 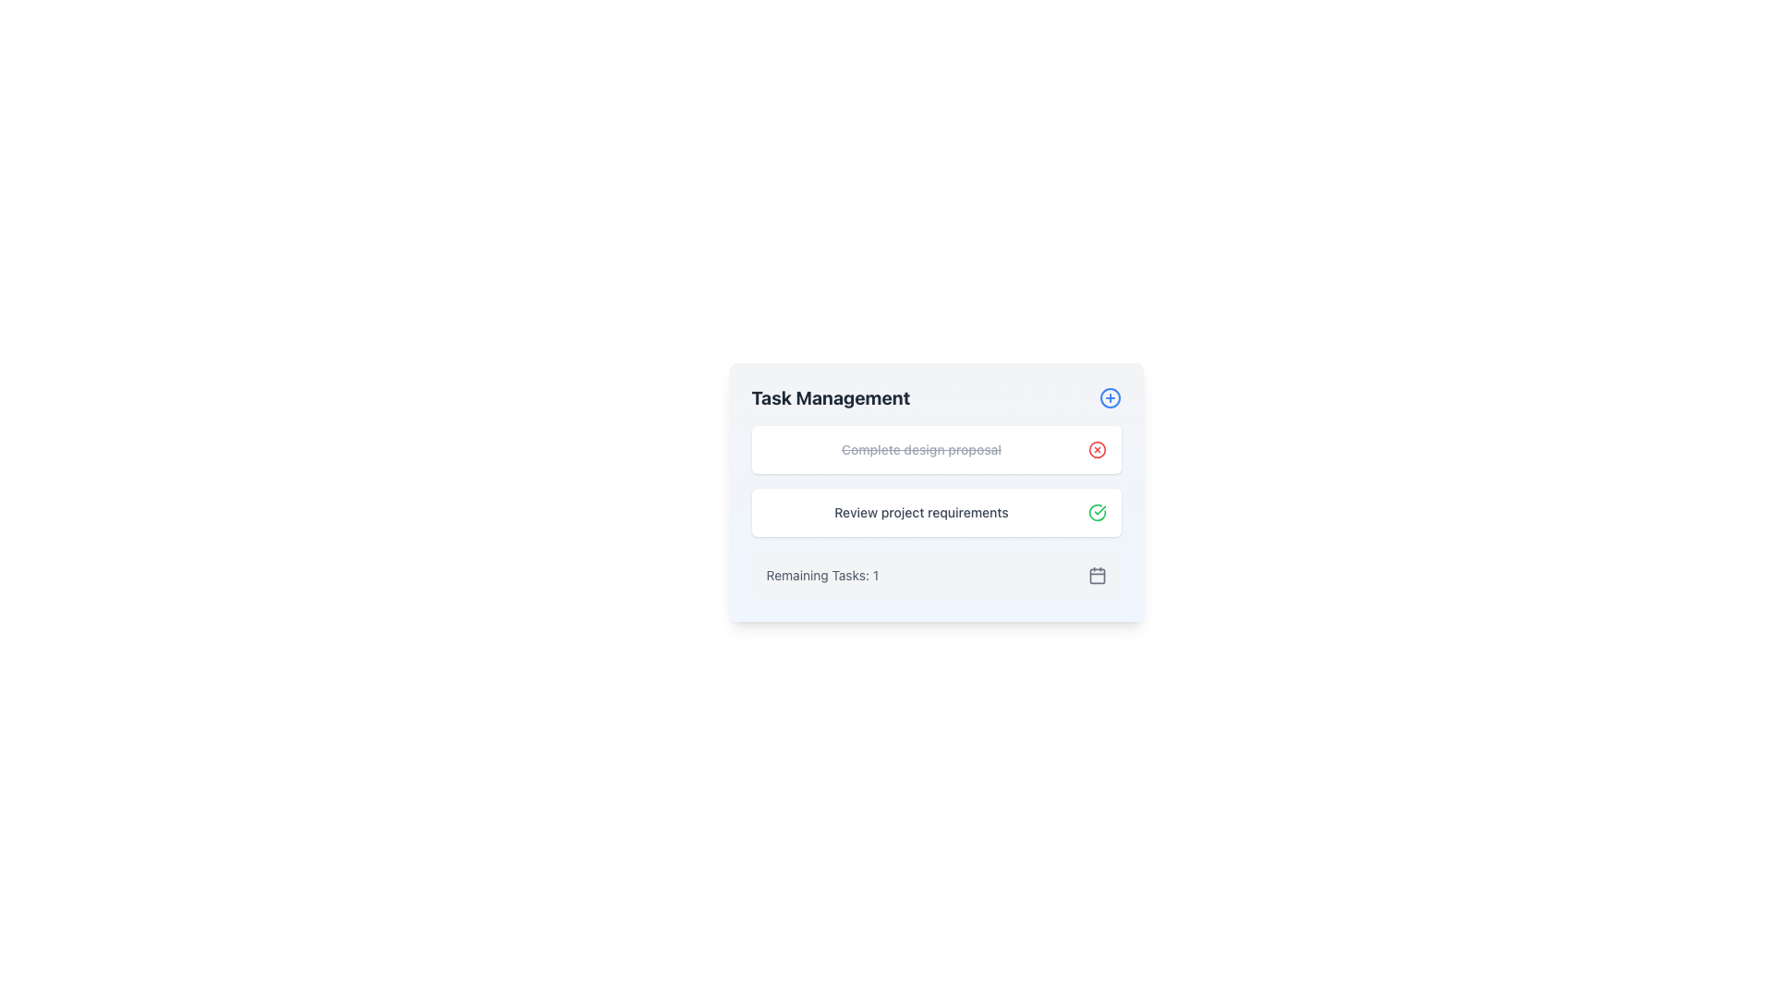 What do you see at coordinates (1097, 575) in the screenshot?
I see `the small, square-shaped gray button resembling a calendar icon located in the bottom right portion of the interface` at bounding box center [1097, 575].